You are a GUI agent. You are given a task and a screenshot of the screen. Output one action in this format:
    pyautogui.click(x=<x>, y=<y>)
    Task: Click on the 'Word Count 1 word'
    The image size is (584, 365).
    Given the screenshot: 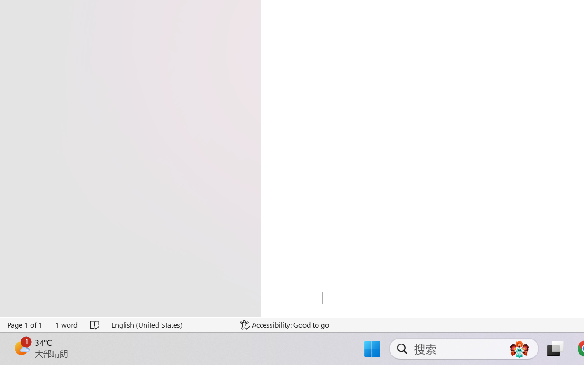 What is the action you would take?
    pyautogui.click(x=66, y=324)
    